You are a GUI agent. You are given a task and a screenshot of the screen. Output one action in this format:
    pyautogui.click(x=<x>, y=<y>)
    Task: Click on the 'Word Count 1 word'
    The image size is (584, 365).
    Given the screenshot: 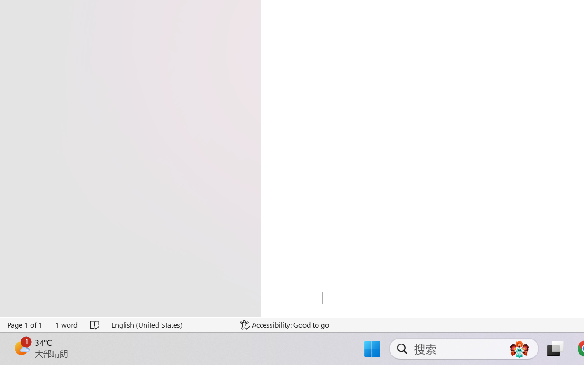 What is the action you would take?
    pyautogui.click(x=66, y=324)
    